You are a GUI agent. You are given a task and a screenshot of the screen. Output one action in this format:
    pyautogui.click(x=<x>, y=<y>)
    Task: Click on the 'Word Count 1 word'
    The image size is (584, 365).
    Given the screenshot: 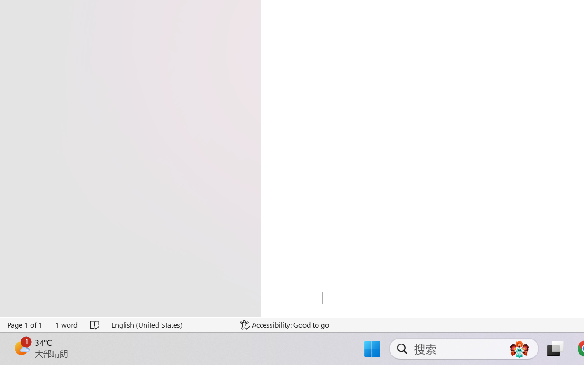 What is the action you would take?
    pyautogui.click(x=66, y=324)
    